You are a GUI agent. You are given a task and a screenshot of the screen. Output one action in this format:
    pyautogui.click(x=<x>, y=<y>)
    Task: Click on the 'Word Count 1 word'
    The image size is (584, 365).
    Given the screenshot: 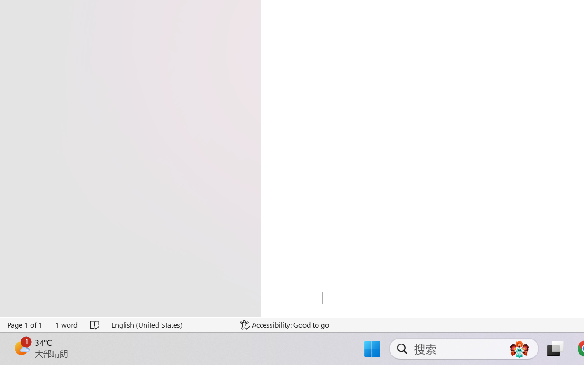 What is the action you would take?
    pyautogui.click(x=66, y=324)
    